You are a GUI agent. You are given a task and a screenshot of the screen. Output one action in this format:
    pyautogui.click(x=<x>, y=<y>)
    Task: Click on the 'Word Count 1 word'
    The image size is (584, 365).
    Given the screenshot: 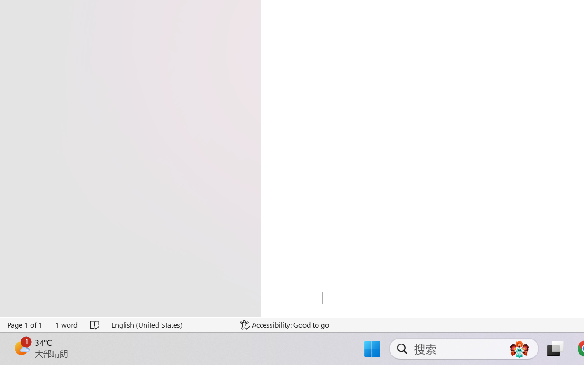 What is the action you would take?
    pyautogui.click(x=66, y=324)
    